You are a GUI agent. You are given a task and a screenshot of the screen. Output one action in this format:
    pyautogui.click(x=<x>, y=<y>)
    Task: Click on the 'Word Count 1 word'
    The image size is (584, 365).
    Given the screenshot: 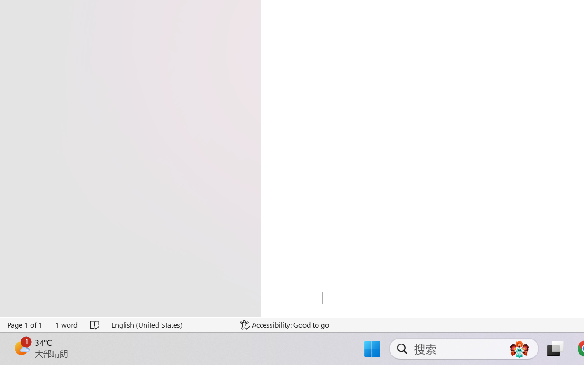 What is the action you would take?
    pyautogui.click(x=66, y=324)
    